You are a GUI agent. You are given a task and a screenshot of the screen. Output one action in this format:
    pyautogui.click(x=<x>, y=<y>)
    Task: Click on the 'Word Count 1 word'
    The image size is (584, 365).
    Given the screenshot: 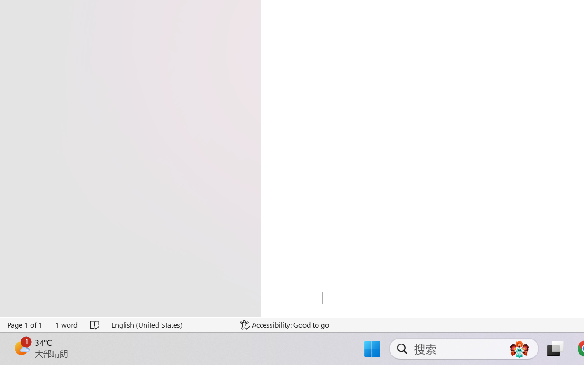 What is the action you would take?
    pyautogui.click(x=66, y=324)
    